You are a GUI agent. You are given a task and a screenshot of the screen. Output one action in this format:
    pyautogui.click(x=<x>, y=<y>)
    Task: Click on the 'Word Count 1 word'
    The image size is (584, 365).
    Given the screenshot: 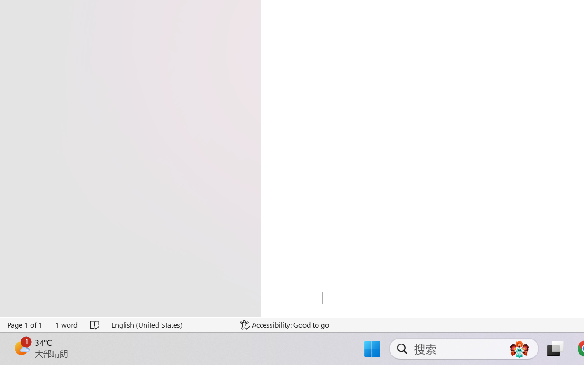 What is the action you would take?
    pyautogui.click(x=66, y=324)
    